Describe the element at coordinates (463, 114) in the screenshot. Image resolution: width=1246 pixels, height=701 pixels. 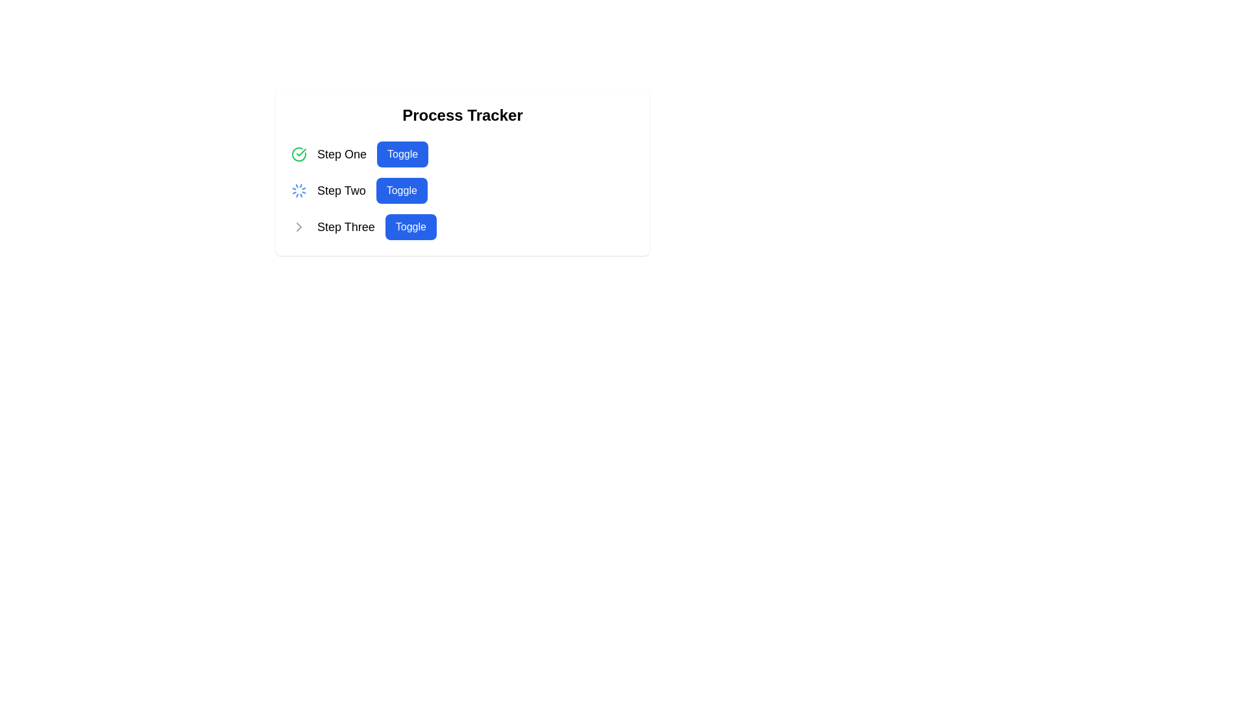
I see `text of the heading element located at the top of the card-like section, which serves as the title for the content below` at that location.